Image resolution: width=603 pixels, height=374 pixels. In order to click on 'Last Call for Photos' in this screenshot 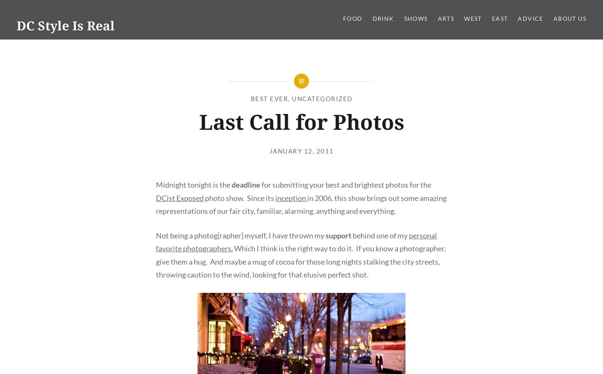, I will do `click(301, 121)`.